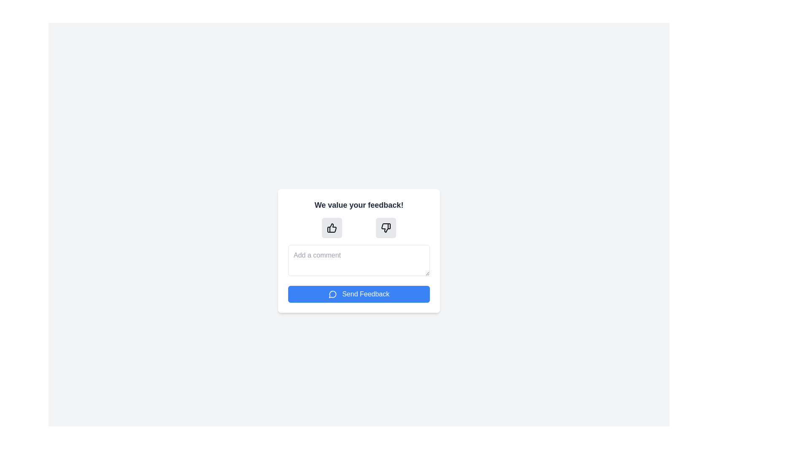 This screenshot has height=456, width=810. What do you see at coordinates (386, 227) in the screenshot?
I see `the negative feedback button located to the right of the 'thumb up' button to change its background color` at bounding box center [386, 227].